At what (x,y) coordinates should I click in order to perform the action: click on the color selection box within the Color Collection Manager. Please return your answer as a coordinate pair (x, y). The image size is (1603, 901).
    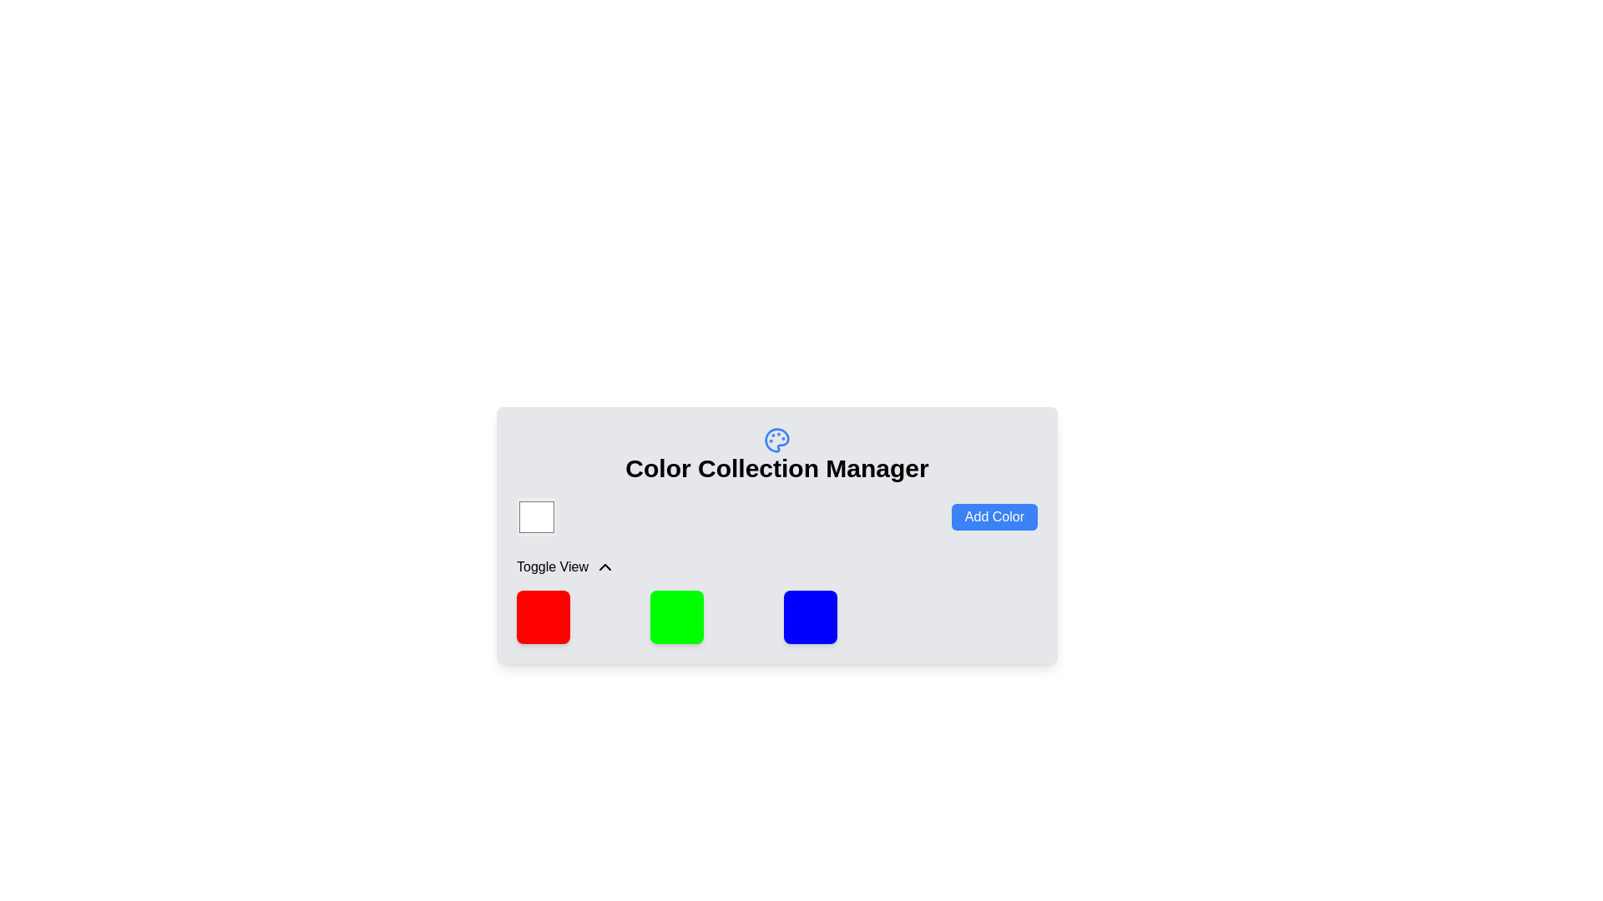
    Looking at the image, I should click on (776, 516).